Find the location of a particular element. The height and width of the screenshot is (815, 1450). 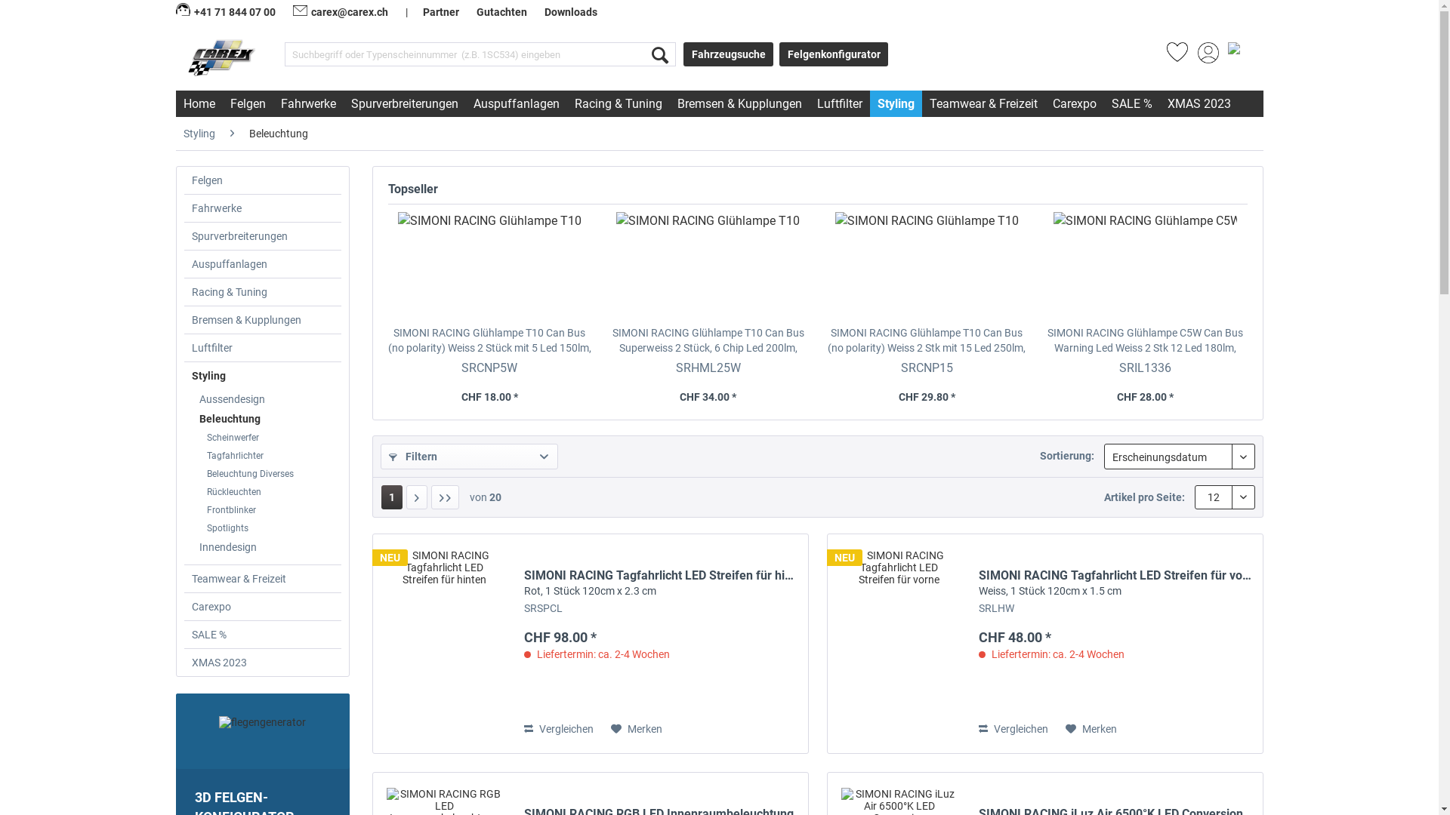

'Downloads' is located at coordinates (569, 11).